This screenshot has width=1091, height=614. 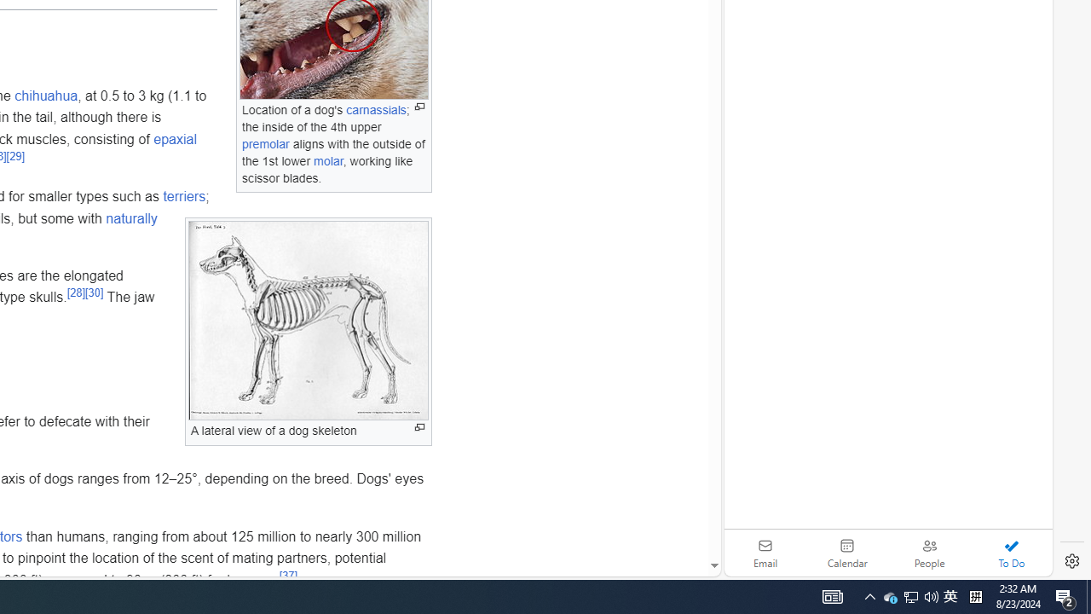 What do you see at coordinates (265, 143) in the screenshot?
I see `'premolar'` at bounding box center [265, 143].